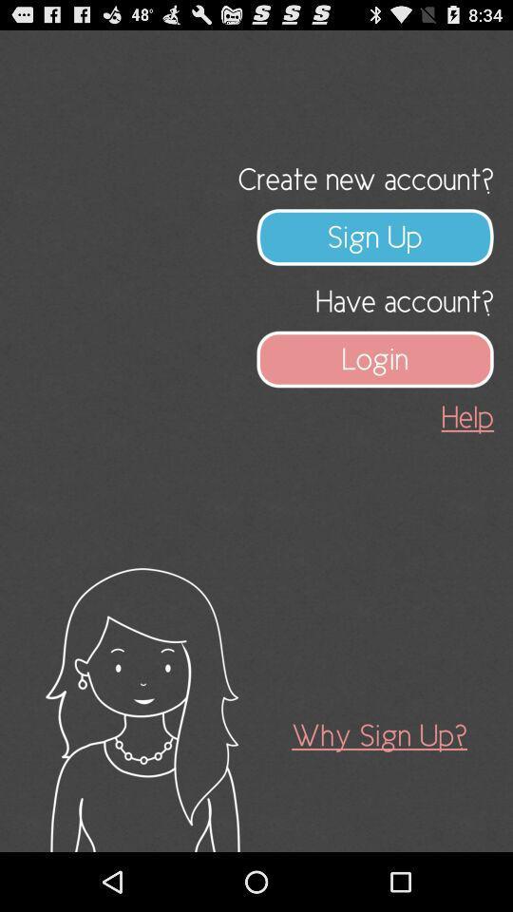 Image resolution: width=513 pixels, height=912 pixels. What do you see at coordinates (375, 358) in the screenshot?
I see `login` at bounding box center [375, 358].